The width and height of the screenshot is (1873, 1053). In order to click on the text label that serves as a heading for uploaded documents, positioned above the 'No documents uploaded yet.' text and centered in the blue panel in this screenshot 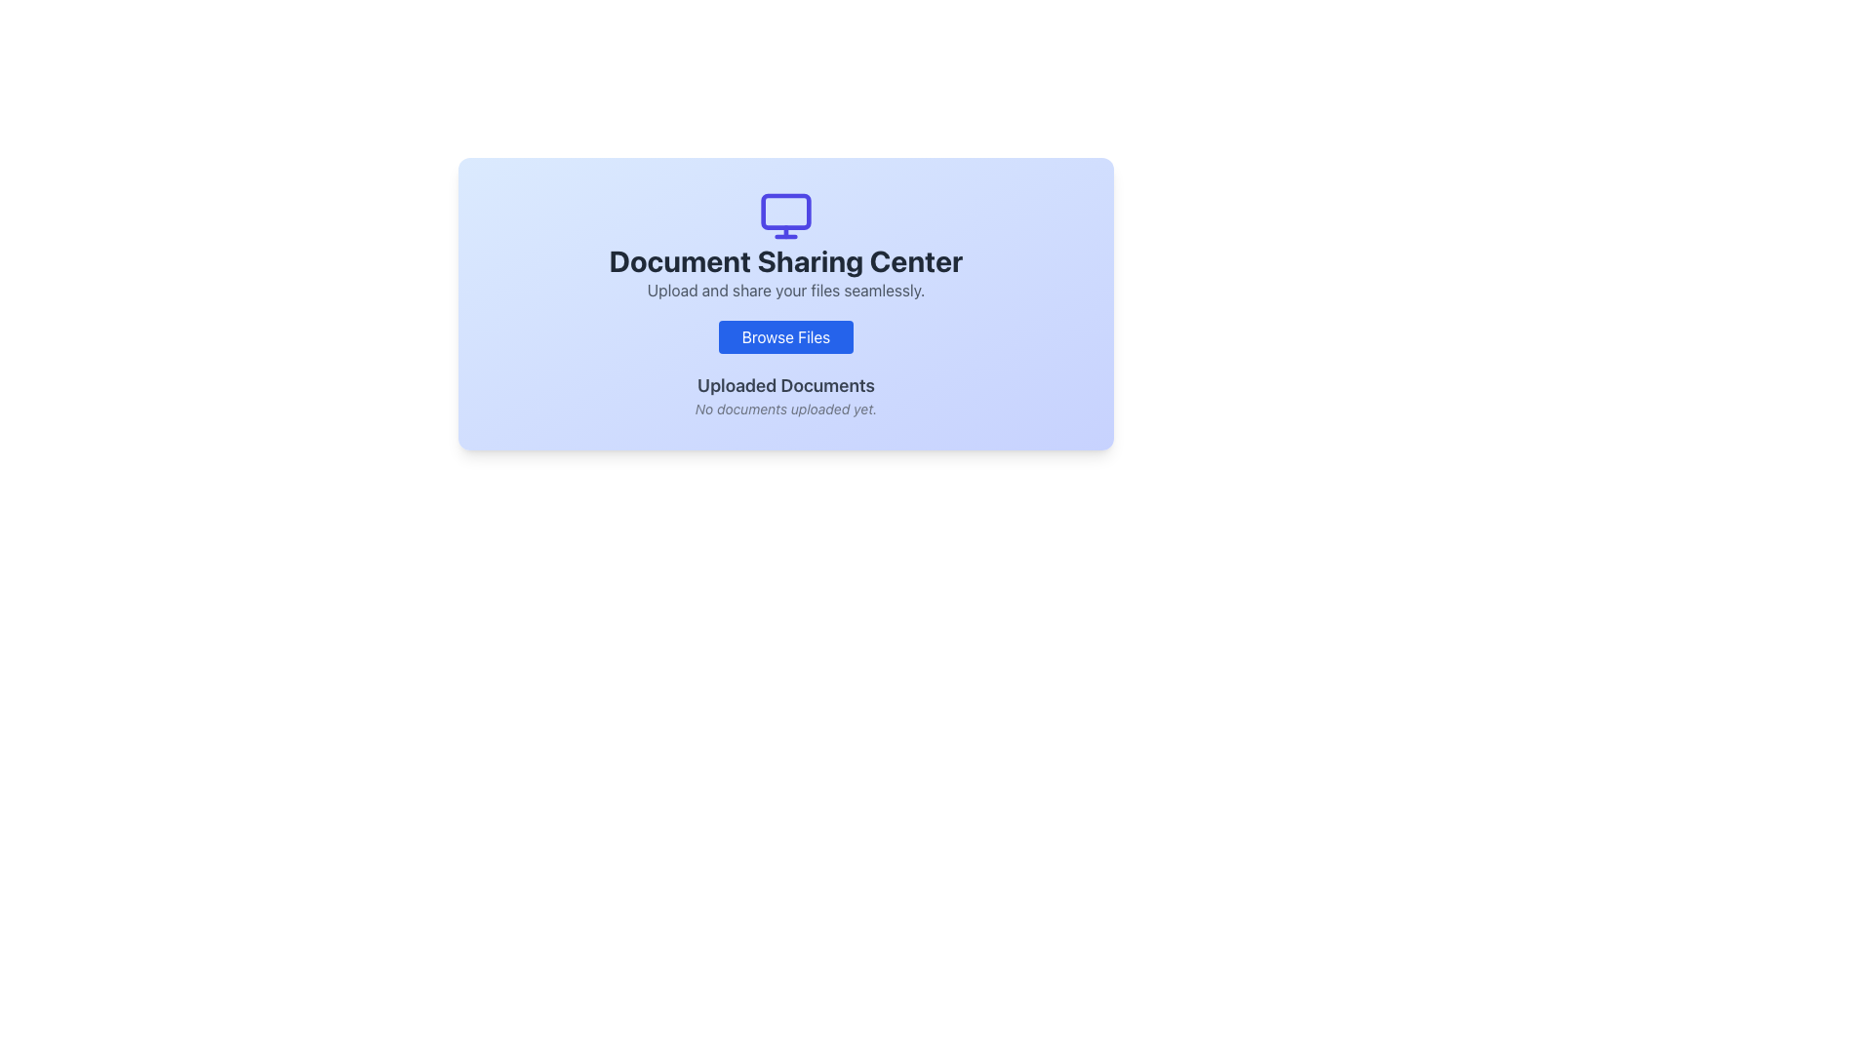, I will do `click(786, 386)`.